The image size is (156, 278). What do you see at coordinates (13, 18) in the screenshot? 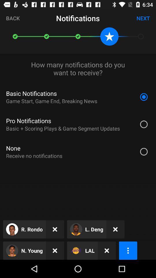
I see `icon at the top left corner` at bounding box center [13, 18].